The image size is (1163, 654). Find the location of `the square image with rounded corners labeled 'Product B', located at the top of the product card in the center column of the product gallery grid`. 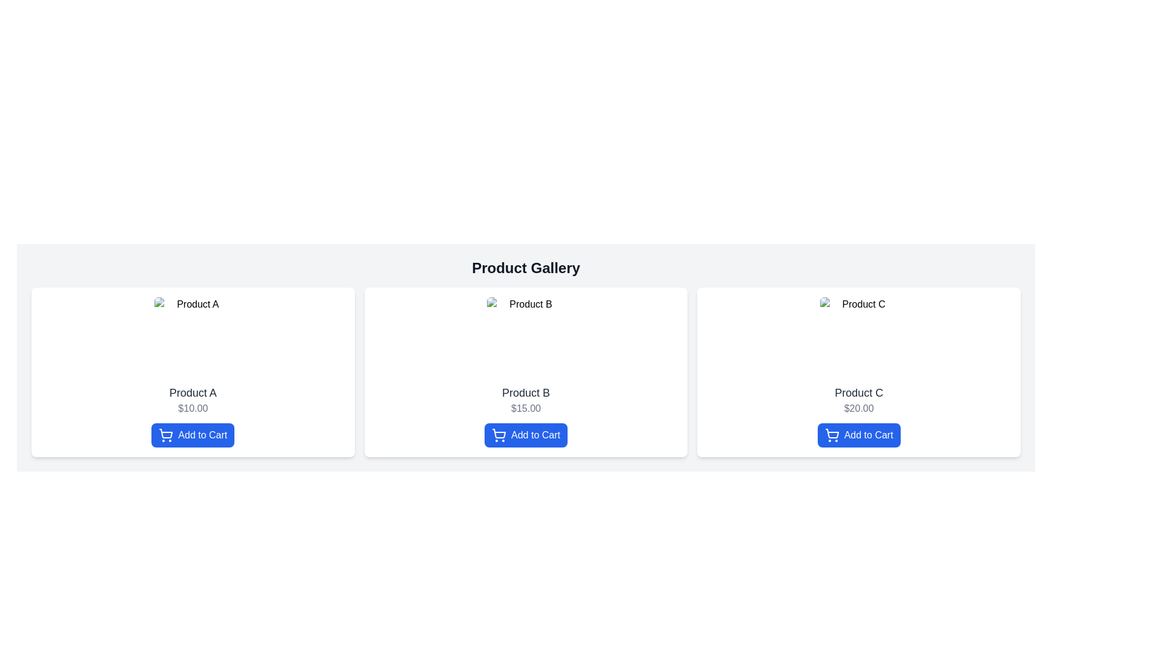

the square image with rounded corners labeled 'Product B', located at the top of the product card in the center column of the product gallery grid is located at coordinates (526, 336).